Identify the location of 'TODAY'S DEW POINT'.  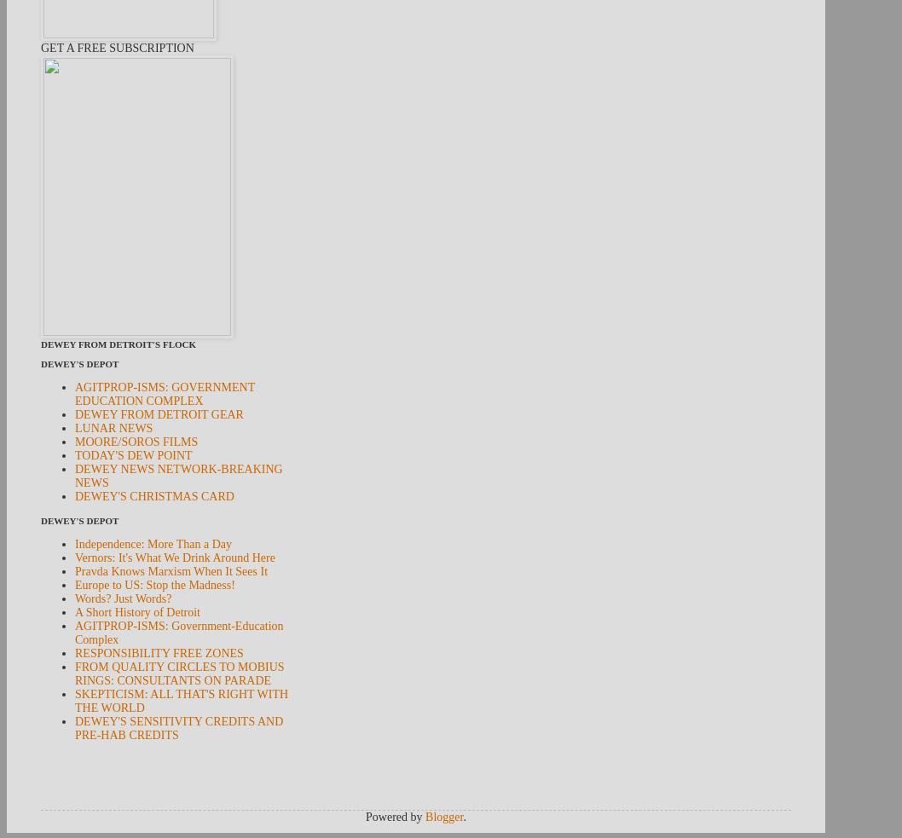
(75, 455).